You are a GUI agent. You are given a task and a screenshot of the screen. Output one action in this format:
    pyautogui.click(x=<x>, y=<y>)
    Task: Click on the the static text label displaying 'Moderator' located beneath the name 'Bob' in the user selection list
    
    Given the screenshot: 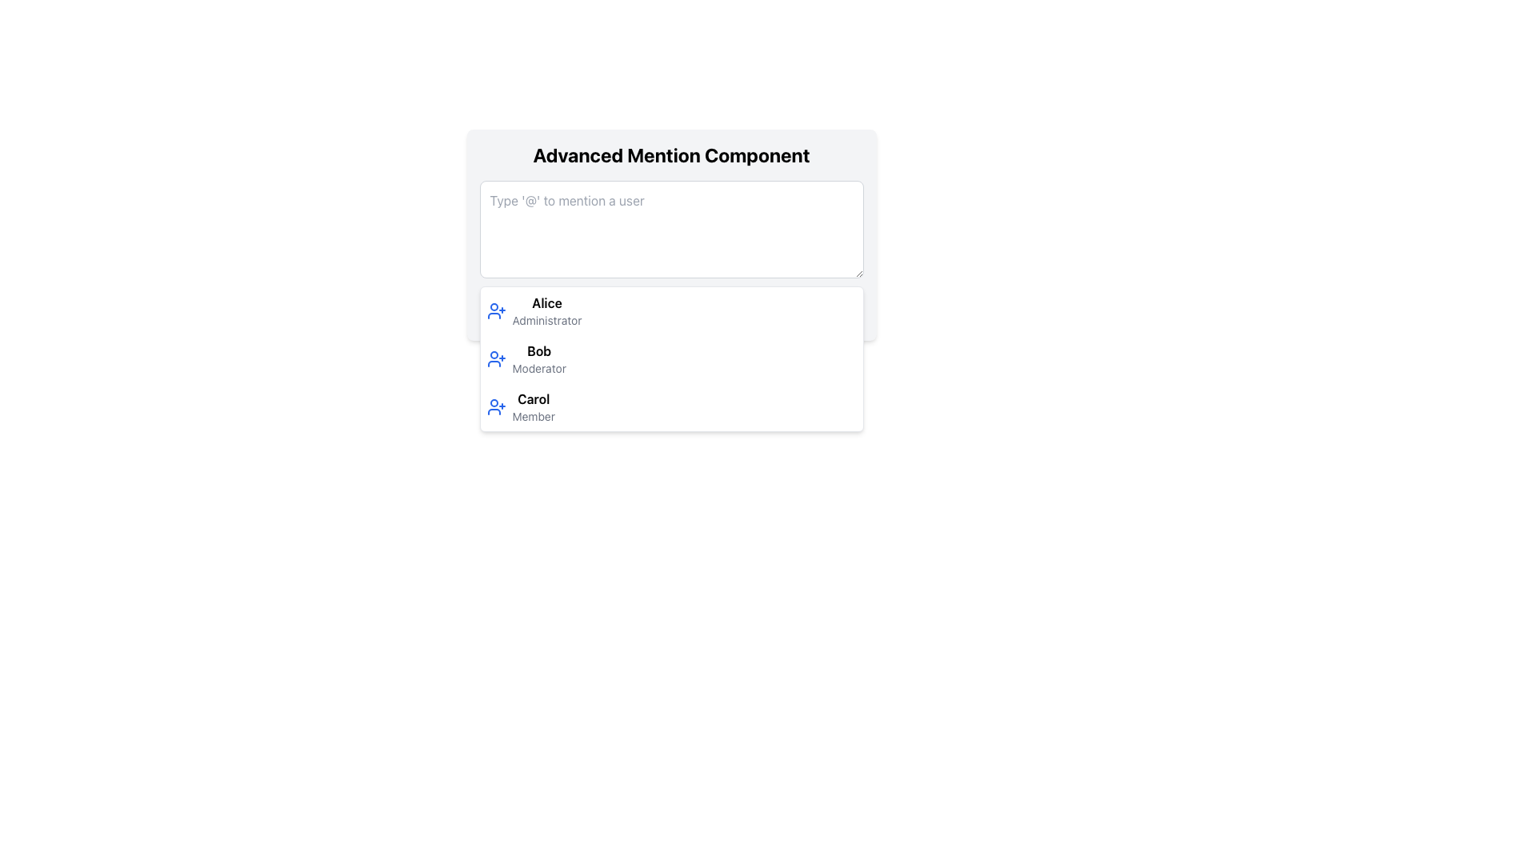 What is the action you would take?
    pyautogui.click(x=539, y=369)
    